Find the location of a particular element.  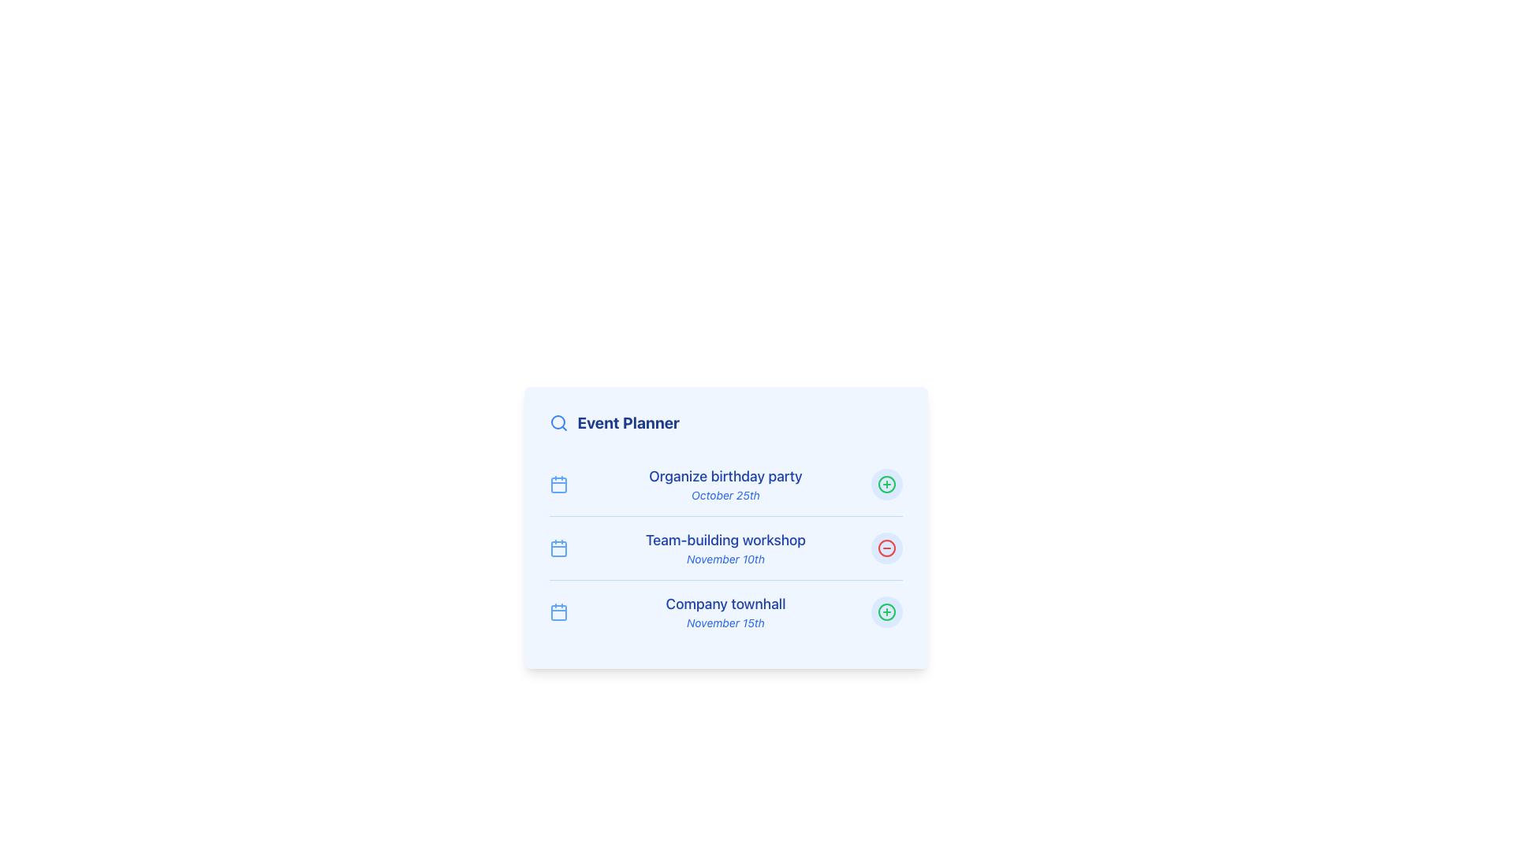

the calendar icon with a blue outline located to the left of the 'Company townhall' text in the third row of items is located at coordinates (558, 611).